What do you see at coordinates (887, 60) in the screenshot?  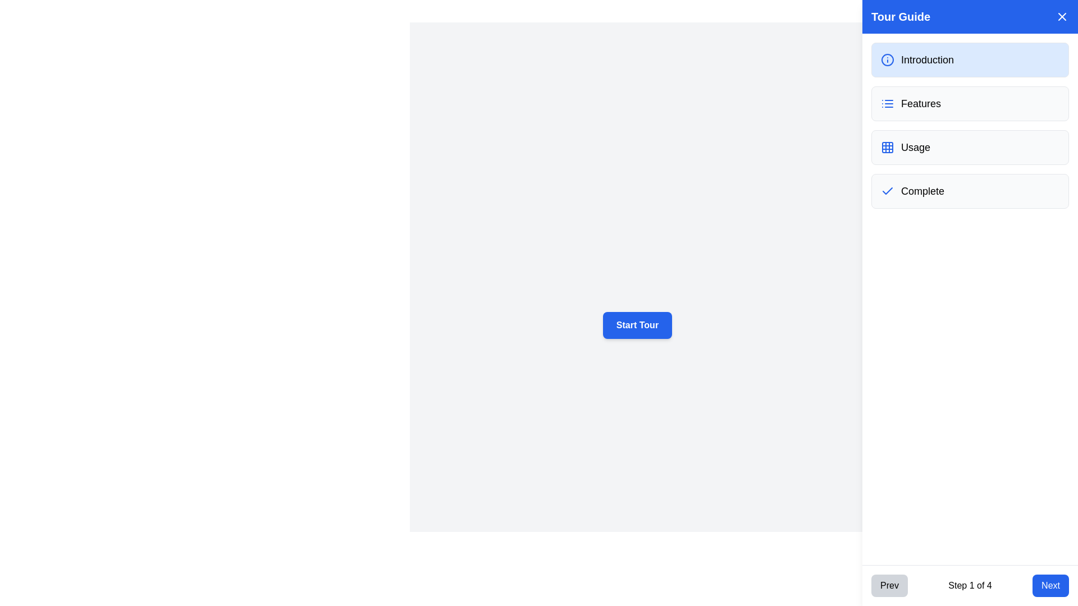 I see `the informational icon with a blue outline and a smaller blue dot inside, located to the left of the 'Introduction' text label in the 'Tour Guide' menu` at bounding box center [887, 60].